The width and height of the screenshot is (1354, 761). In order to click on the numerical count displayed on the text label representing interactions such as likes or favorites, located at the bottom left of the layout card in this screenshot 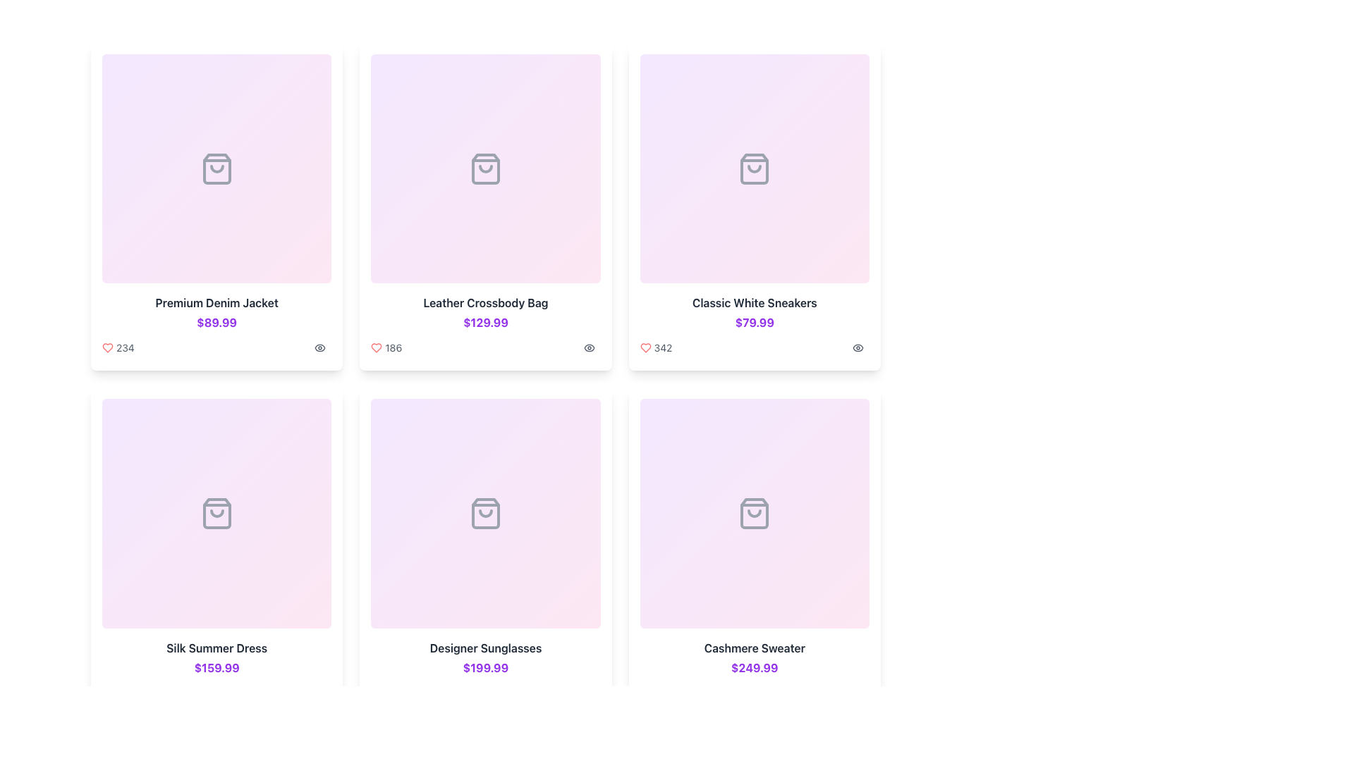, I will do `click(216, 692)`.